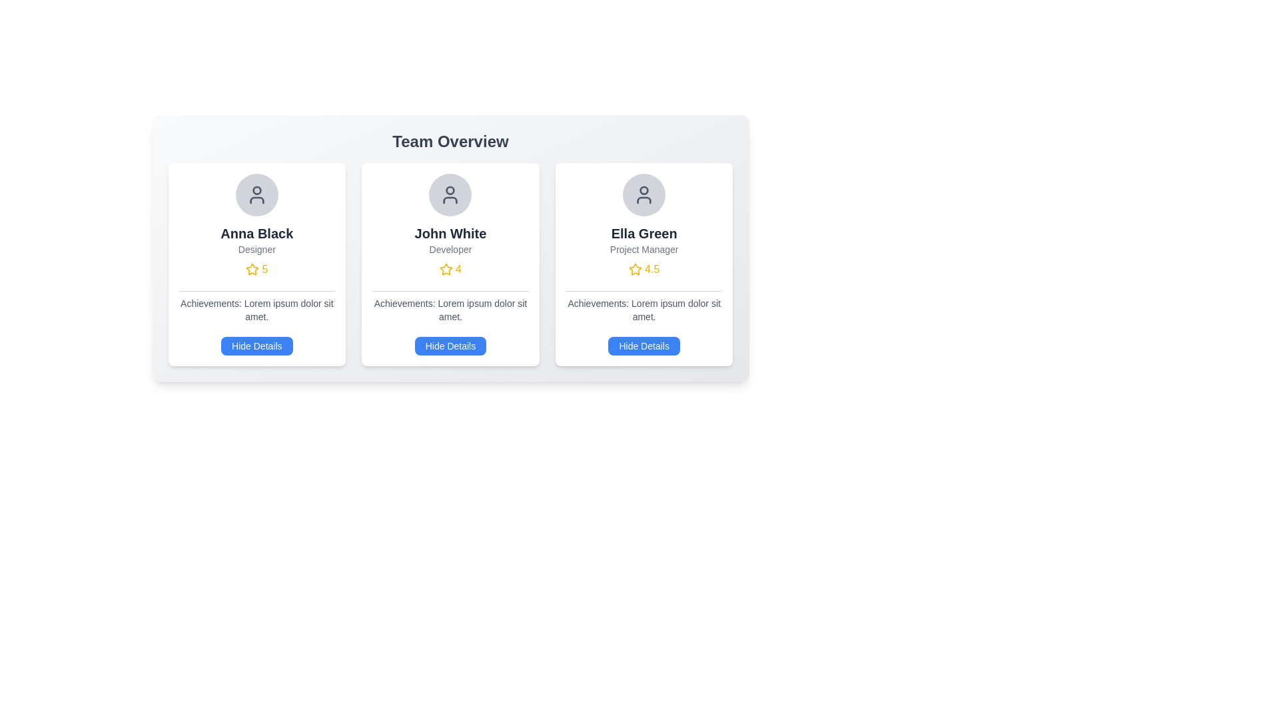  I want to click on the Circular placeholder avatar for the user 'Anna Black', which is positioned in the top-left profile card of three horizontally aligned cards, so click(256, 195).